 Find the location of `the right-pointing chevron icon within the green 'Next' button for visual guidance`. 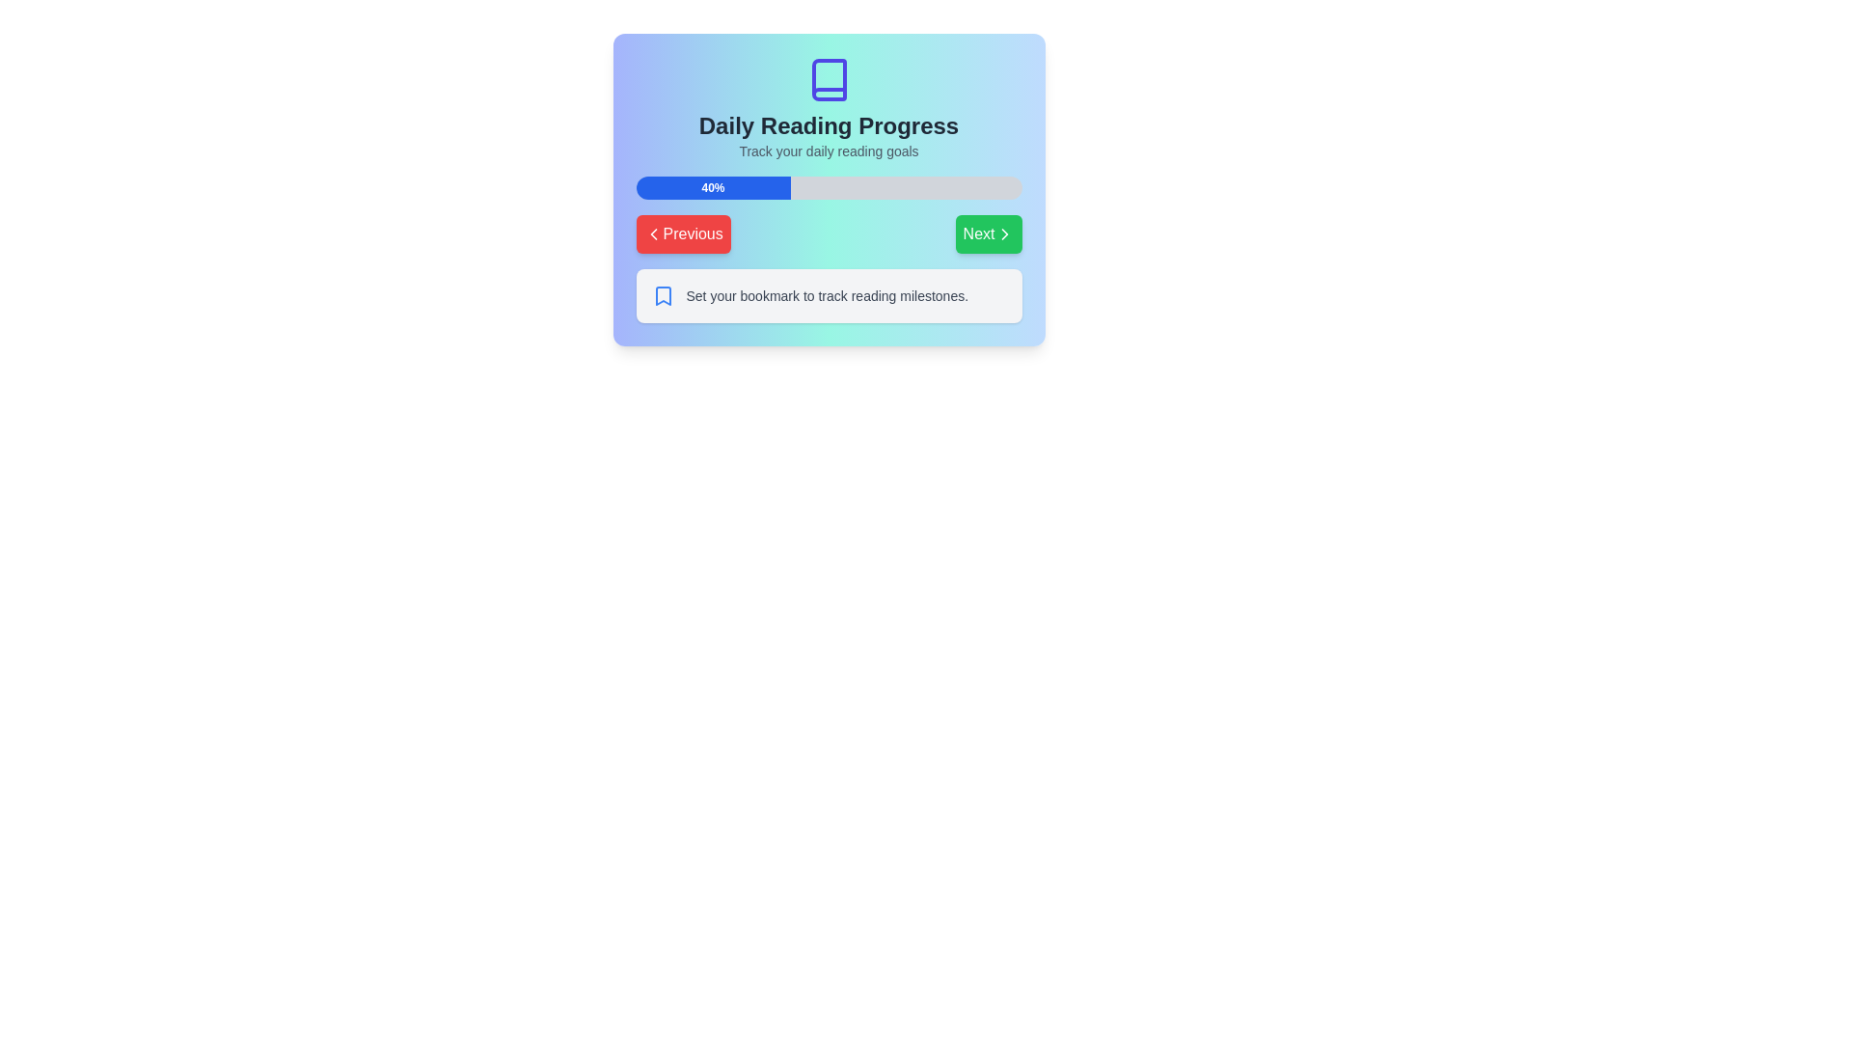

the right-pointing chevron icon within the green 'Next' button for visual guidance is located at coordinates (1003, 233).